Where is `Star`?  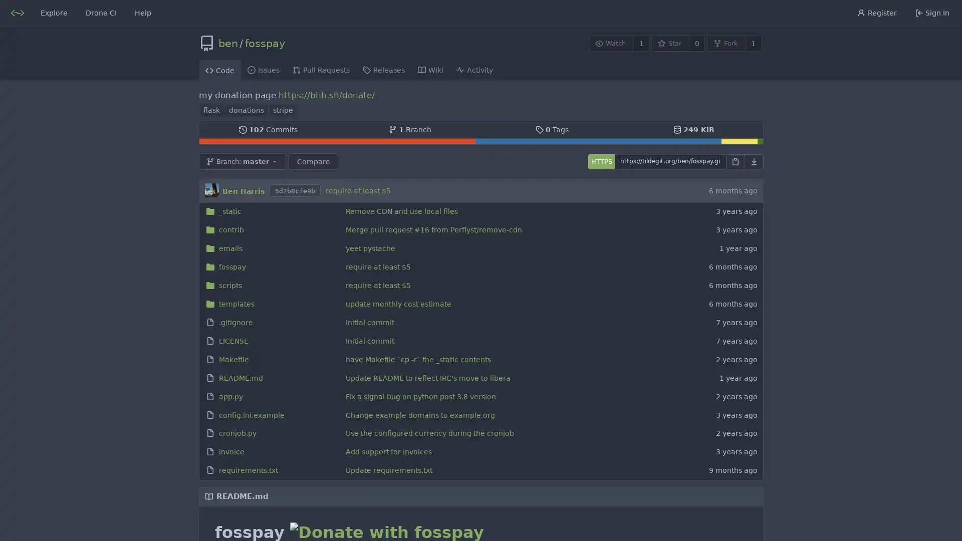
Star is located at coordinates (670, 43).